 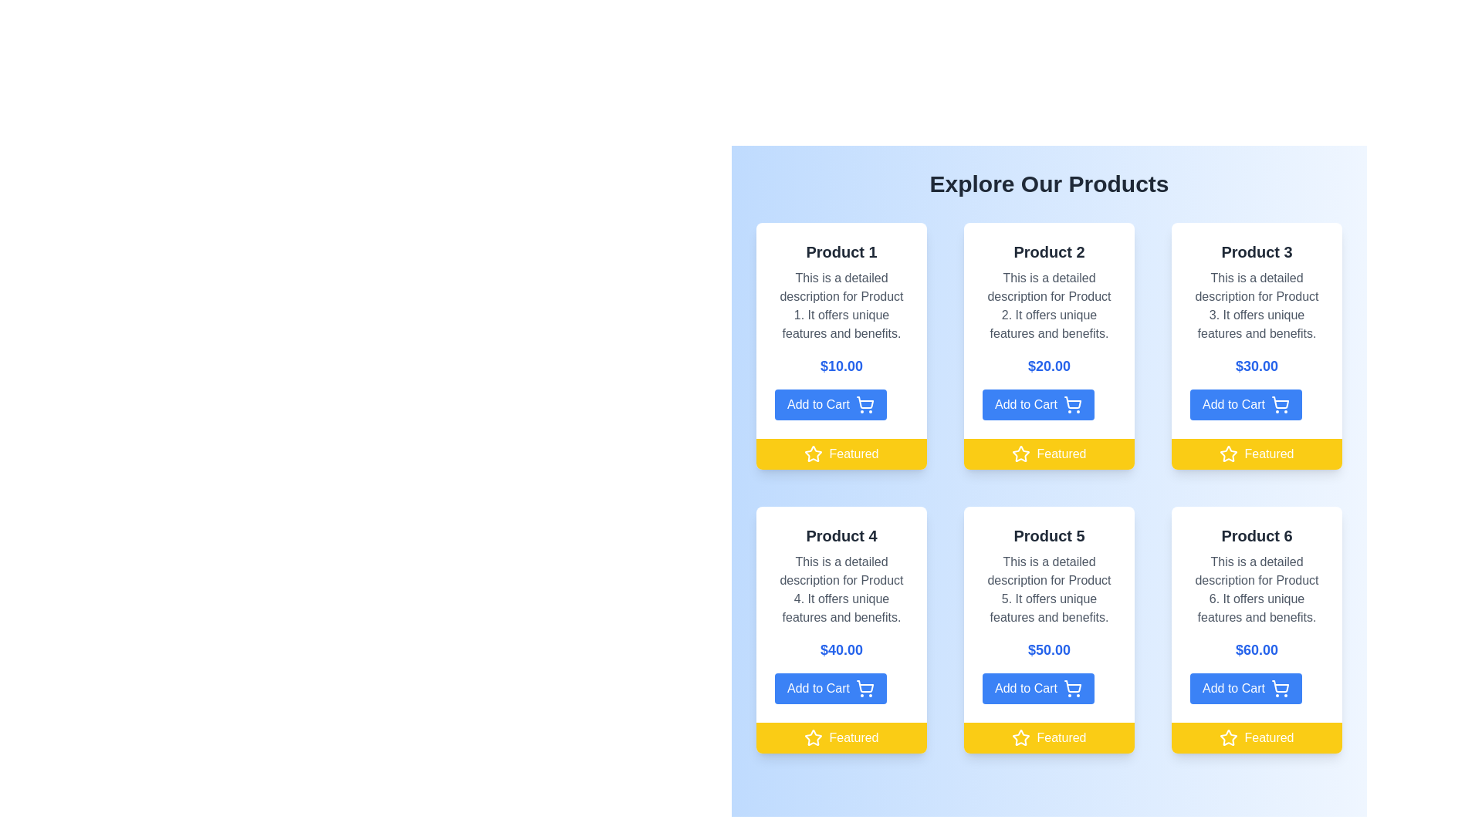 I want to click on the blue 'Add to Cart' button with rounded corners located at the bottom section of the card for 'Product 2', which is directly below the price label displaying '$20.00', so click(x=1038, y=403).